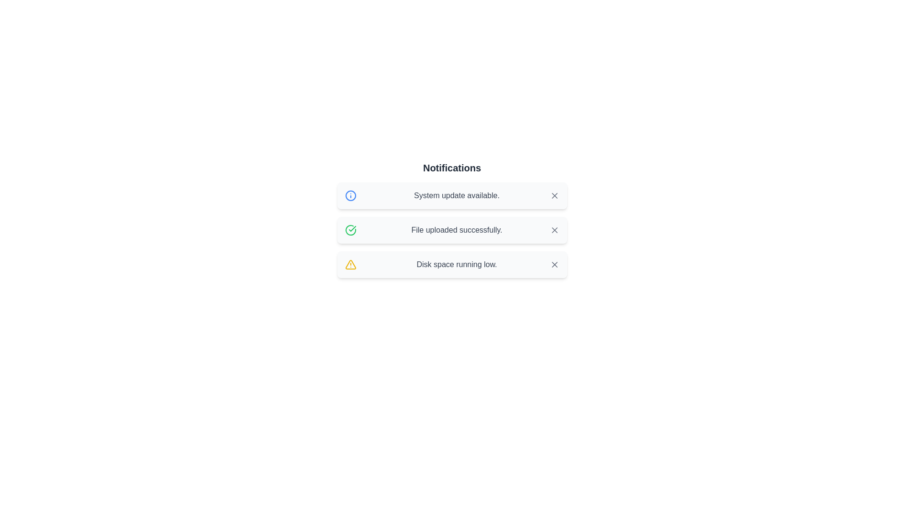 The image size is (919, 517). What do you see at coordinates (456, 264) in the screenshot?
I see `the text label that informs the user about low disk space in the notification panel, positioned centrally with a warning icon on the left and a close button on the right` at bounding box center [456, 264].